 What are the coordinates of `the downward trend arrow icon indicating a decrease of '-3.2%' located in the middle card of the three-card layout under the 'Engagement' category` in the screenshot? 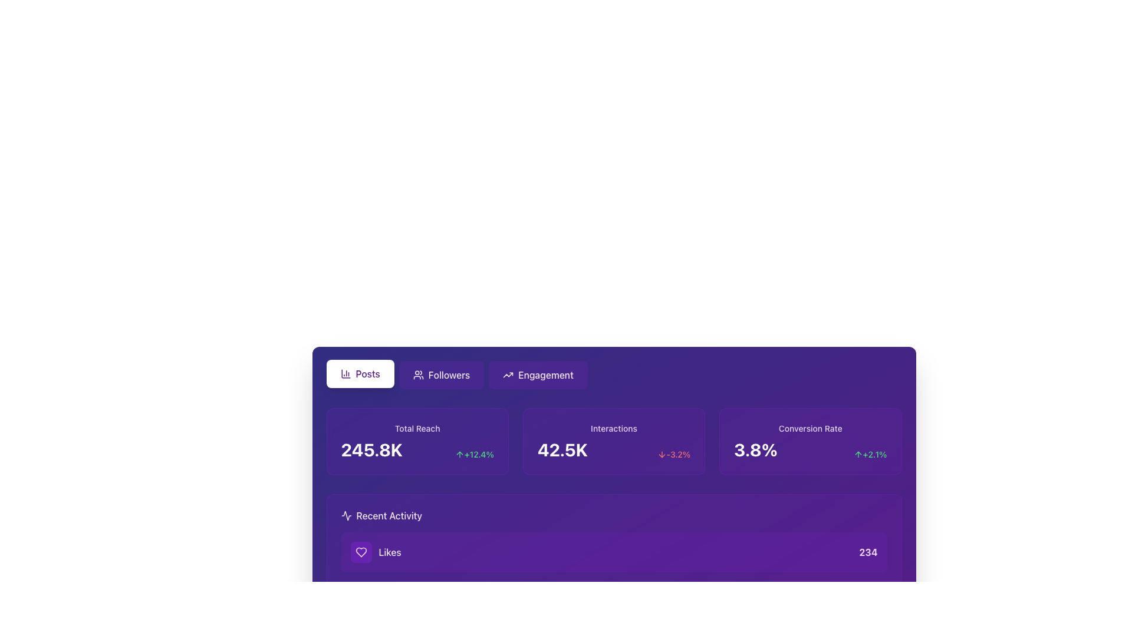 It's located at (662, 453).